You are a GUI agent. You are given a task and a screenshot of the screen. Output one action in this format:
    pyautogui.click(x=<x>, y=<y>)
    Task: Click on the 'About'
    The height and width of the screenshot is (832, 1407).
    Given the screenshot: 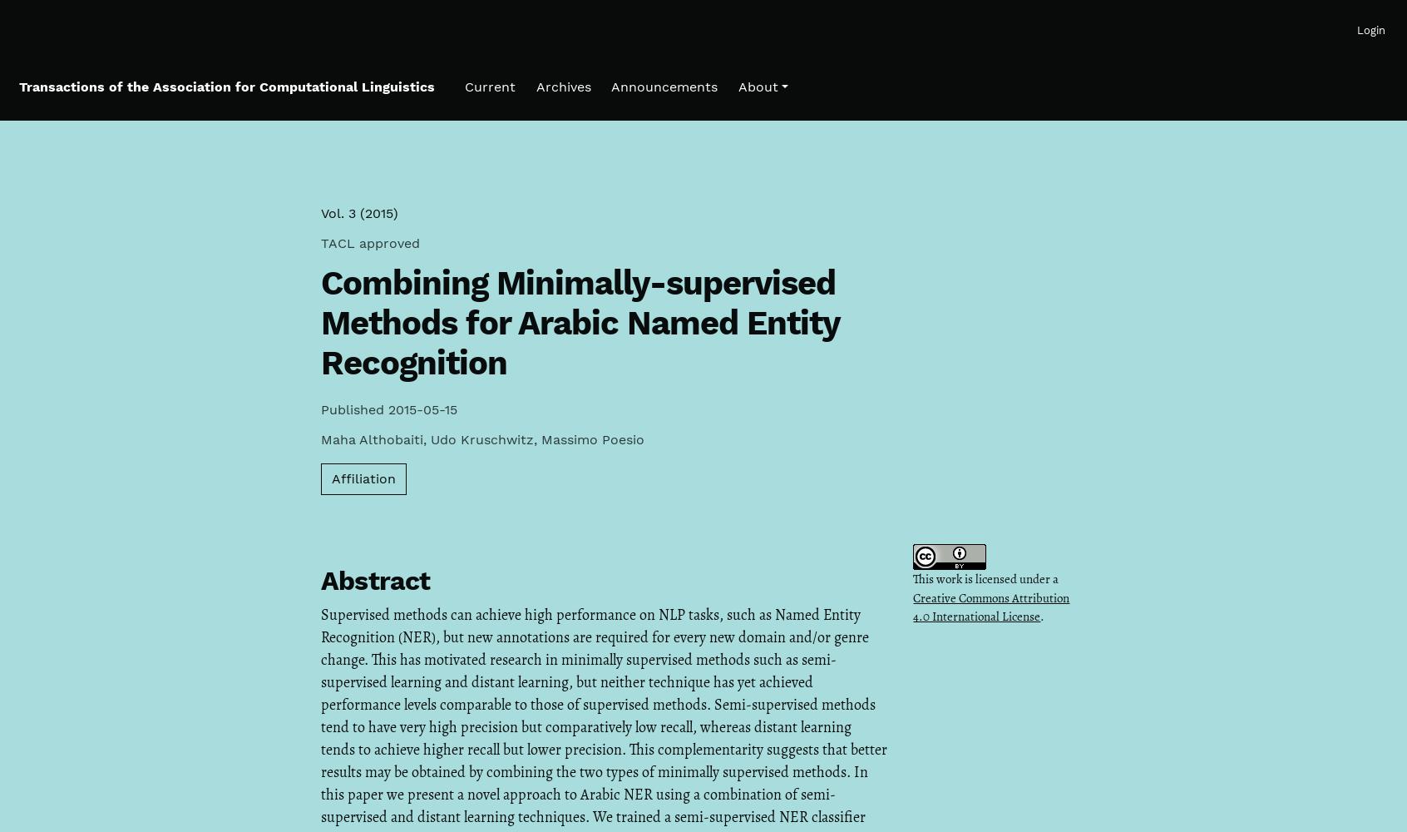 What is the action you would take?
    pyautogui.click(x=756, y=86)
    